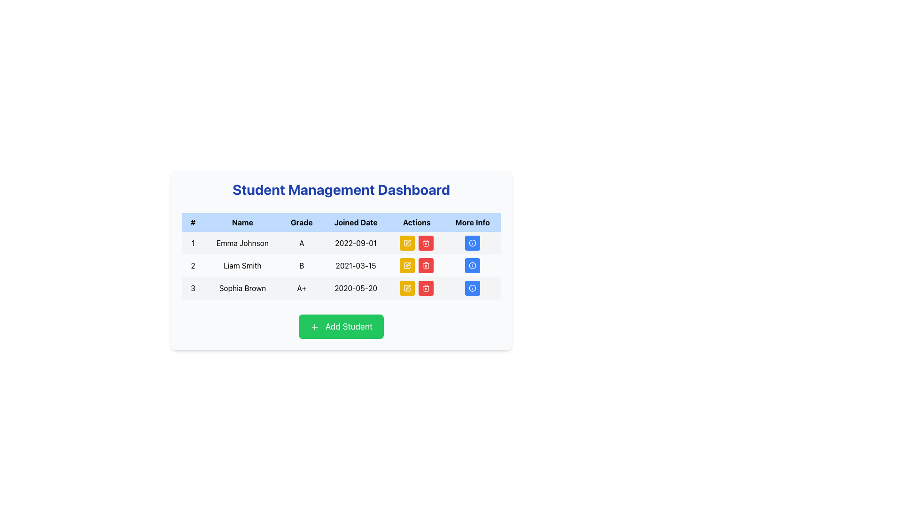 The width and height of the screenshot is (902, 507). Describe the element at coordinates (407, 266) in the screenshot. I see `the 'edit' icon button in the 'Actions' column of the second row associated with the 'Liam Smith' entry` at that location.